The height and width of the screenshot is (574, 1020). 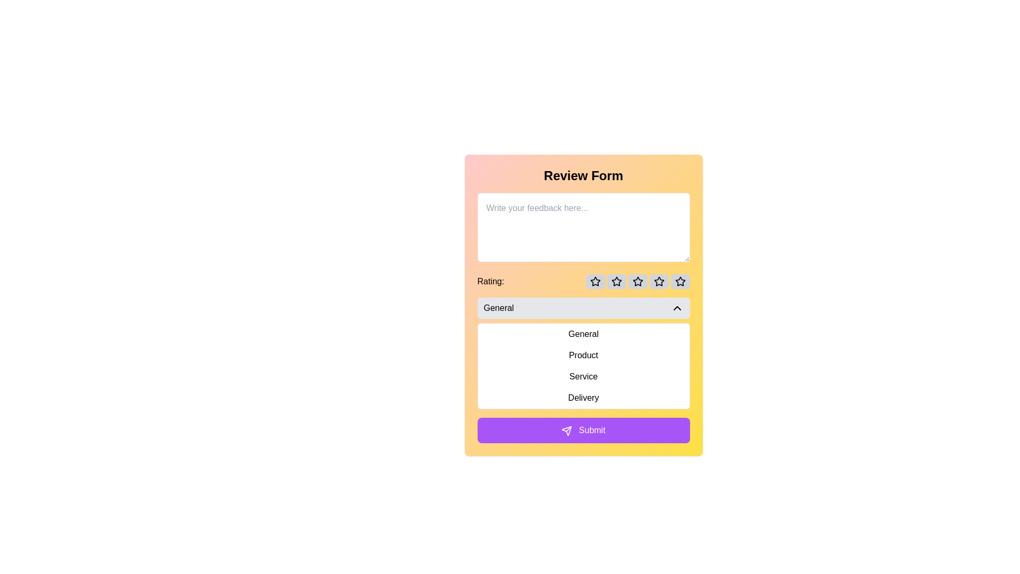 What do you see at coordinates (637, 281) in the screenshot?
I see `the interactive SVG star icon located below the 'Rating:' label` at bounding box center [637, 281].